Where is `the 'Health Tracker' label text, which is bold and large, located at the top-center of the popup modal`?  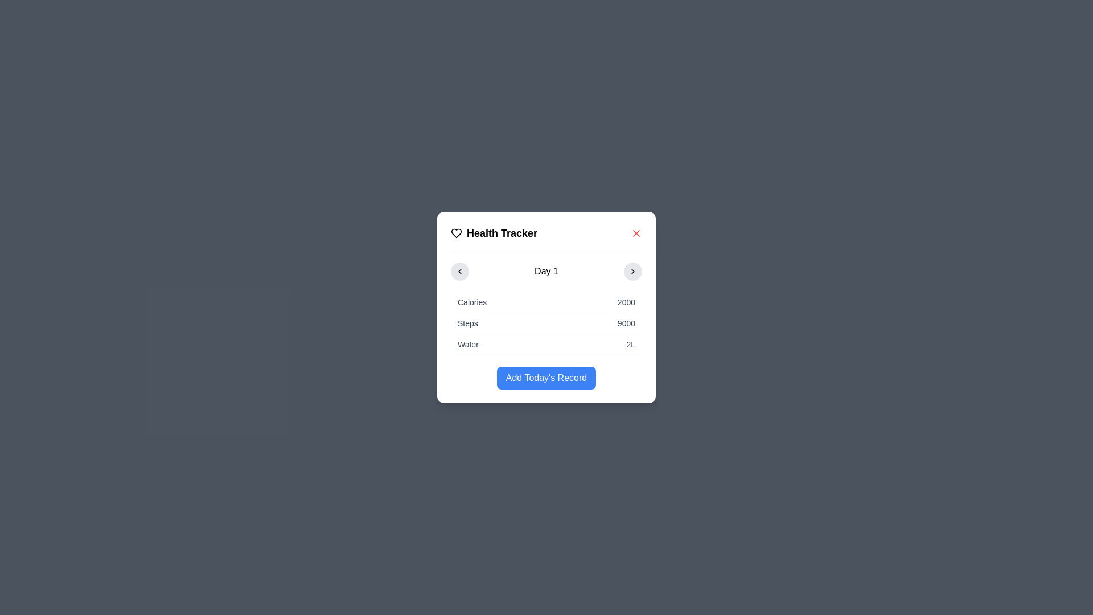
the 'Health Tracker' label text, which is bold and large, located at the top-center of the popup modal is located at coordinates (494, 232).